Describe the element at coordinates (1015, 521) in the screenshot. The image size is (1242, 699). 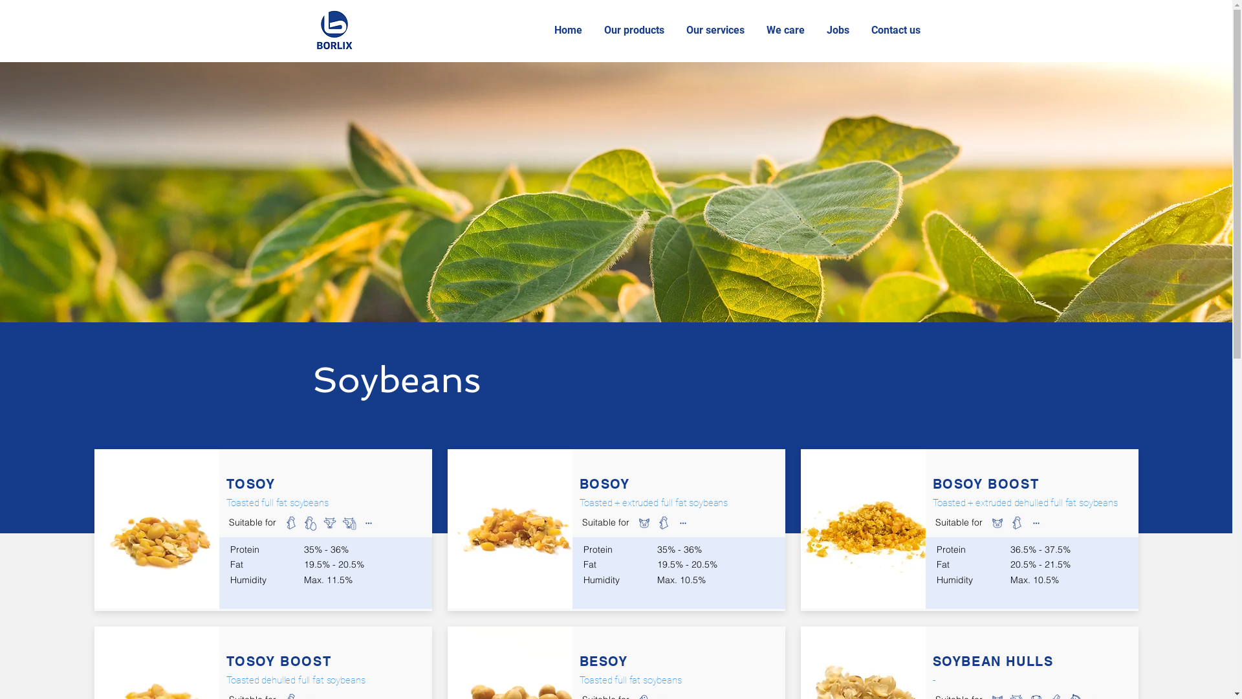
I see `'Broilers'` at that location.